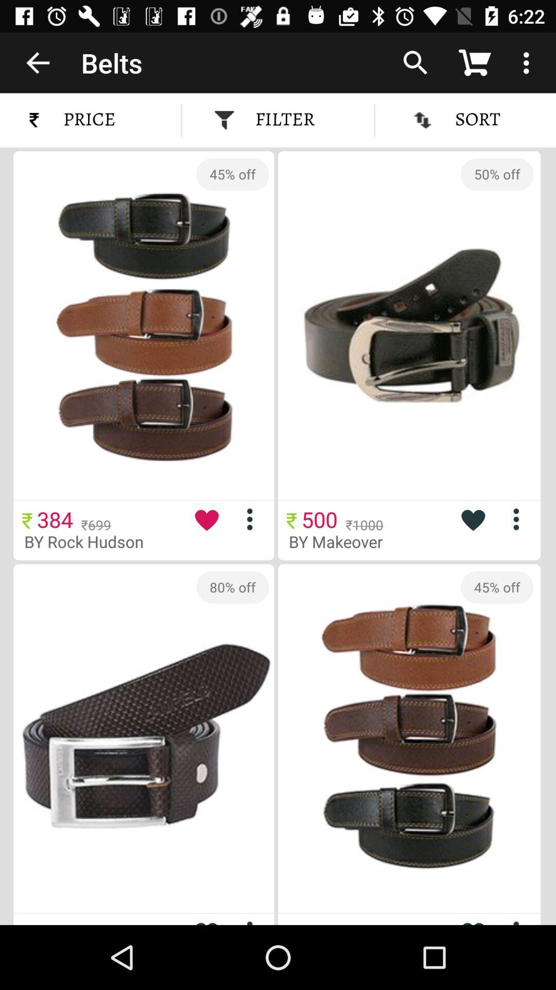  What do you see at coordinates (520, 519) in the screenshot?
I see `open more options` at bounding box center [520, 519].